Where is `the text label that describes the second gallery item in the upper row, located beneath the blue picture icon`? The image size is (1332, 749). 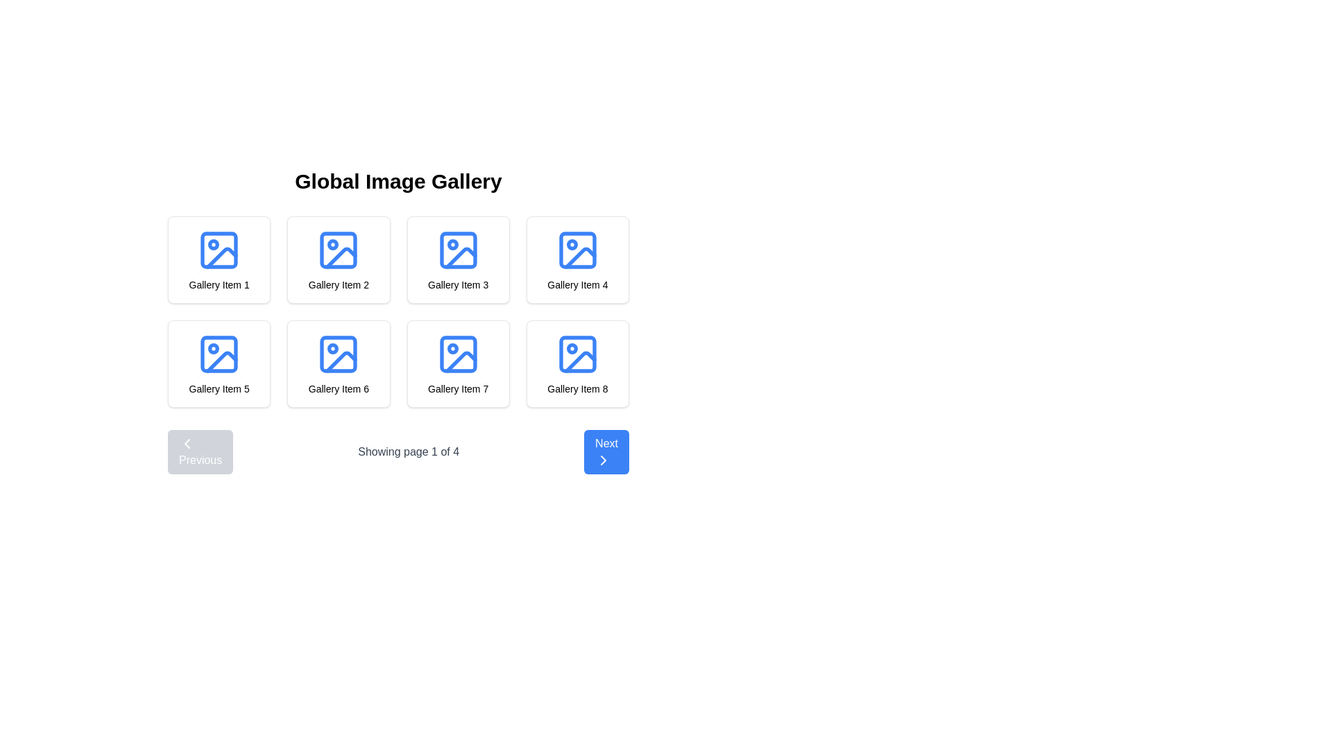
the text label that describes the second gallery item in the upper row, located beneath the blue picture icon is located at coordinates (339, 284).